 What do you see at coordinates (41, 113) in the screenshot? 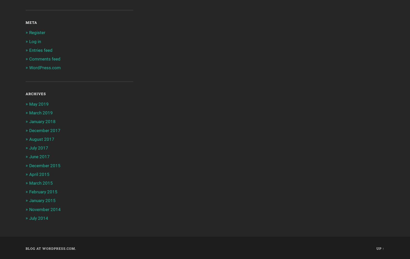
I see `'March 2019'` at bounding box center [41, 113].